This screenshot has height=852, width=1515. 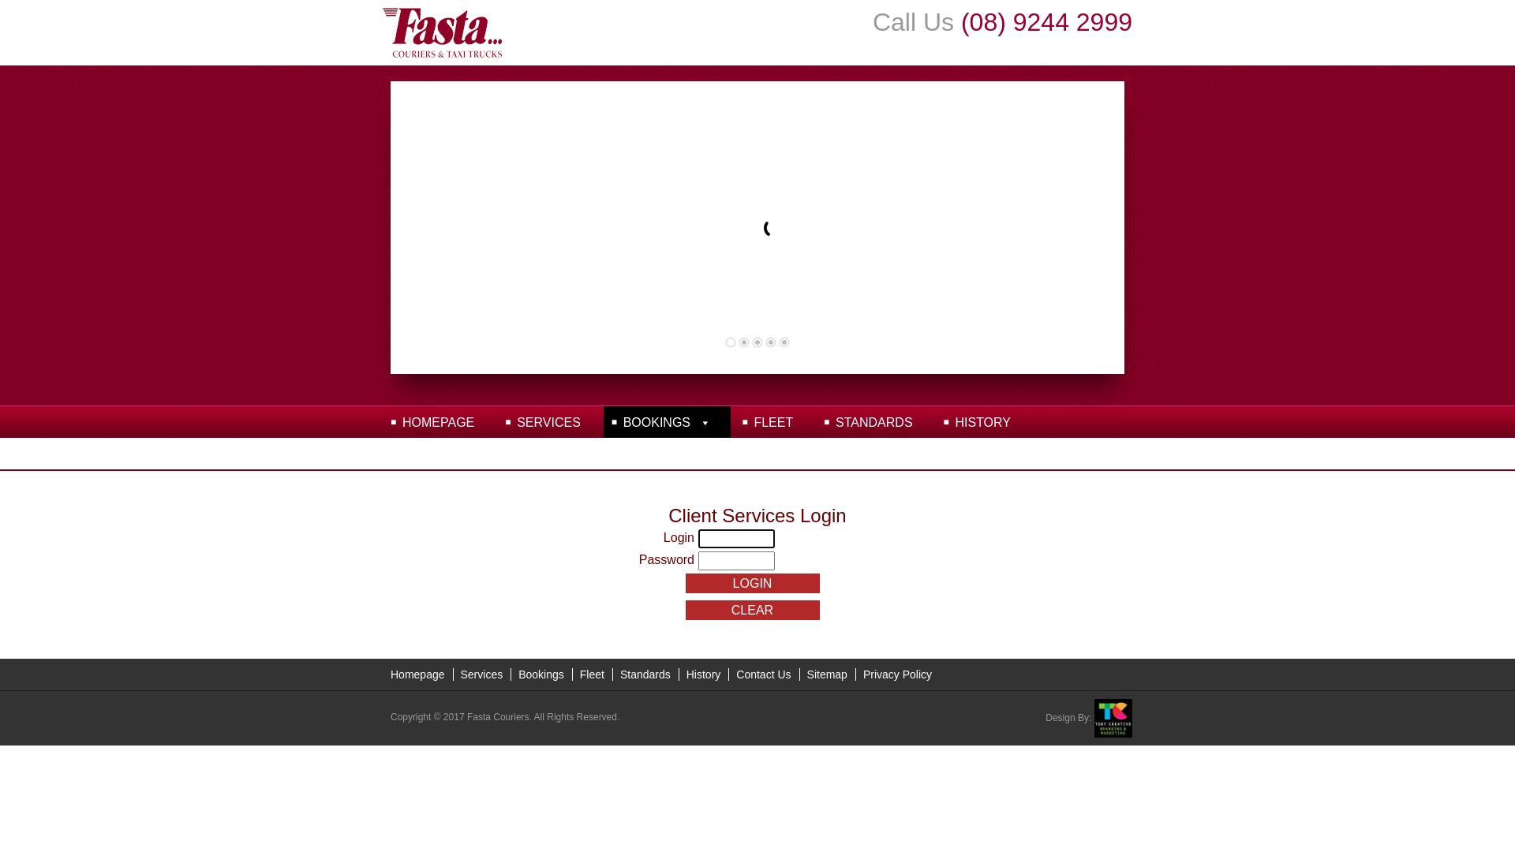 What do you see at coordinates (645, 674) in the screenshot?
I see `'Standards'` at bounding box center [645, 674].